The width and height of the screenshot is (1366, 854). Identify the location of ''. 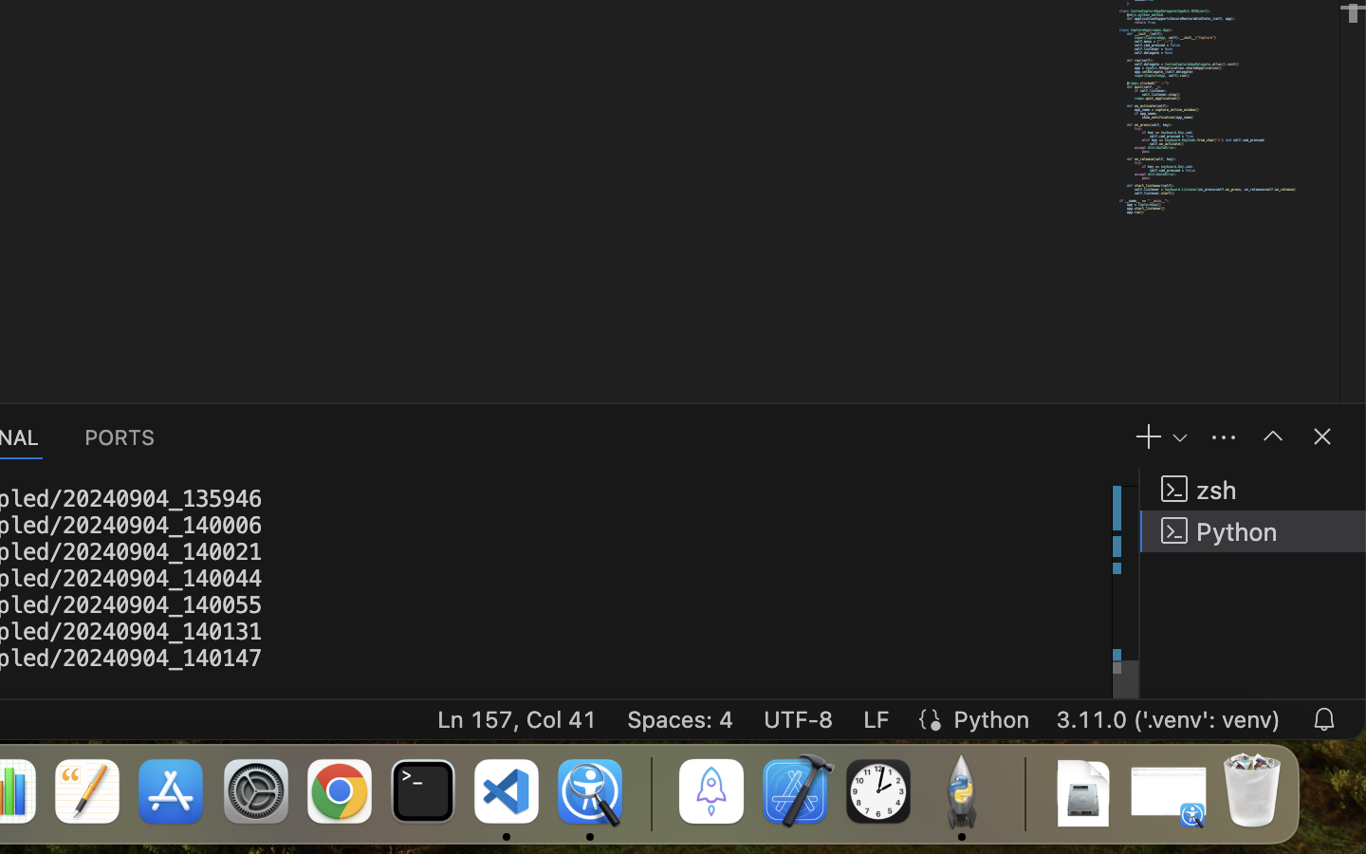
(1322, 435).